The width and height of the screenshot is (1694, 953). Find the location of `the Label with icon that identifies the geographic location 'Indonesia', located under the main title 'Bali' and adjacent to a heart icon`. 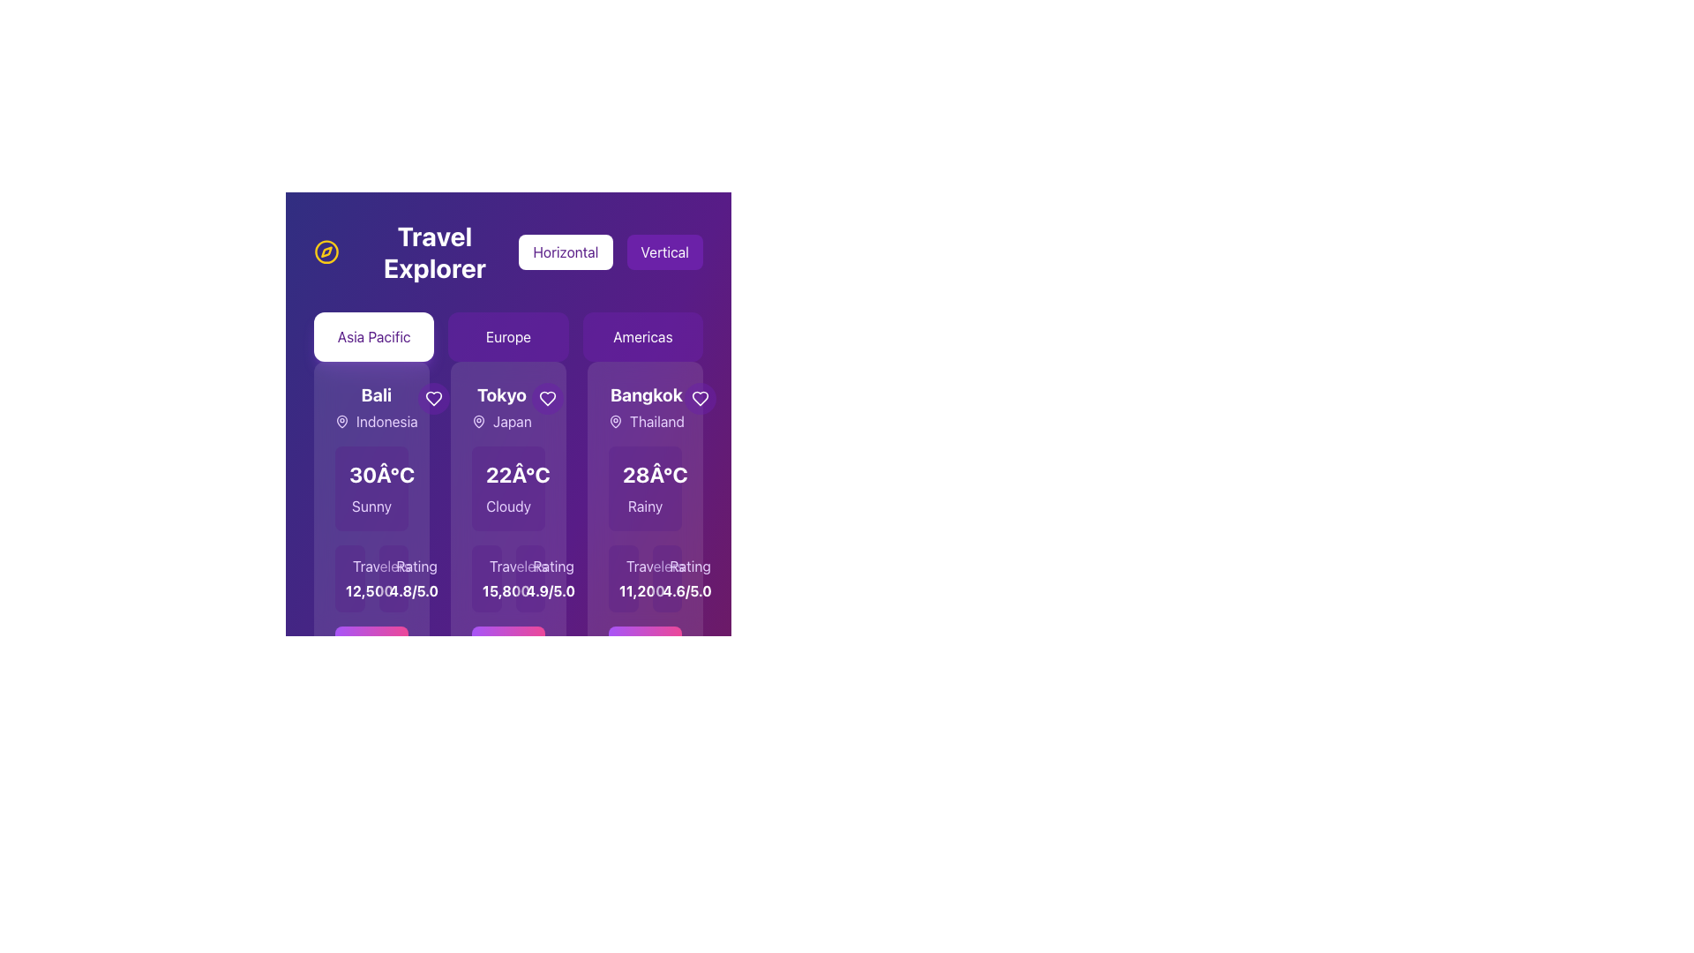

the Label with icon that identifies the geographic location 'Indonesia', located under the main title 'Bali' and adjacent to a heart icon is located at coordinates (375, 422).